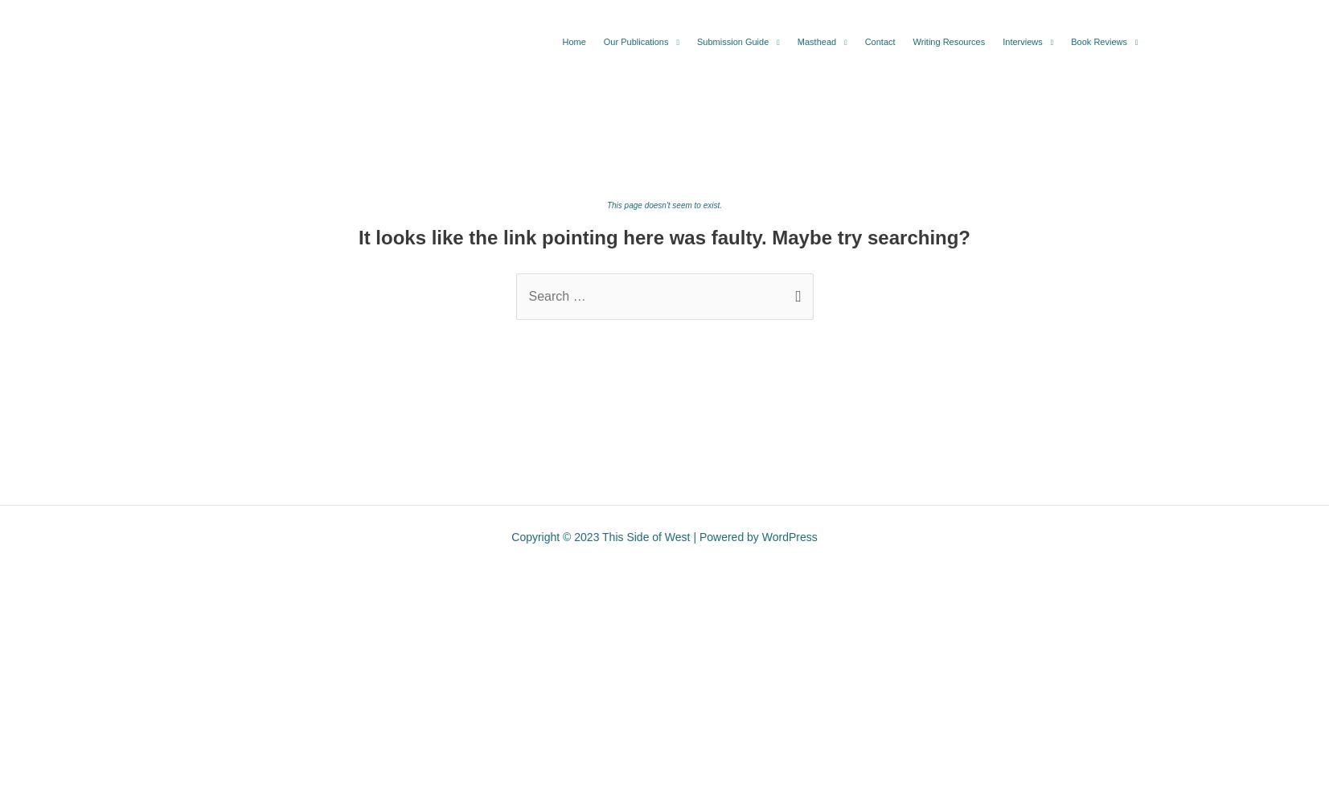  What do you see at coordinates (572, 42) in the screenshot?
I see `'Home'` at bounding box center [572, 42].